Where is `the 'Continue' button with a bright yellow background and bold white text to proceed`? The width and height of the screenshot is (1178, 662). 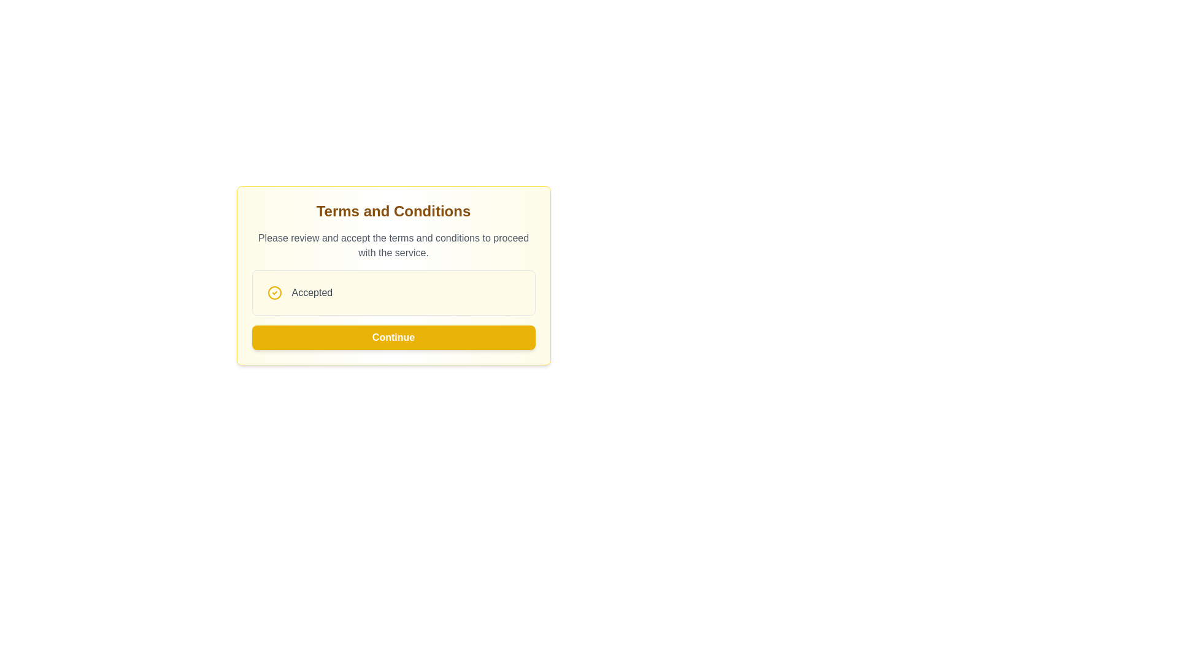 the 'Continue' button with a bright yellow background and bold white text to proceed is located at coordinates (393, 338).